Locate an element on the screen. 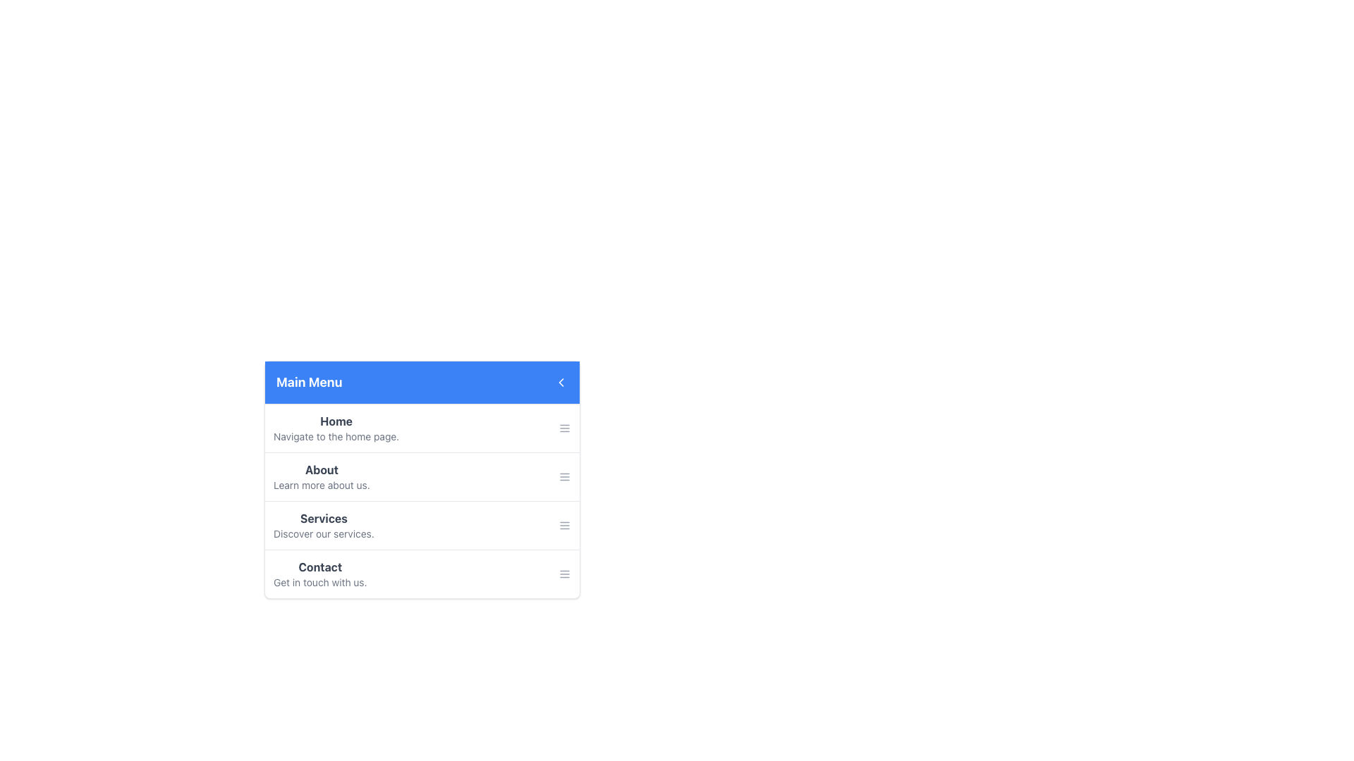 This screenshot has height=761, width=1354. the 'Main Menu' text label, which is styled in bold font on a blue background in the header section is located at coordinates (308, 383).